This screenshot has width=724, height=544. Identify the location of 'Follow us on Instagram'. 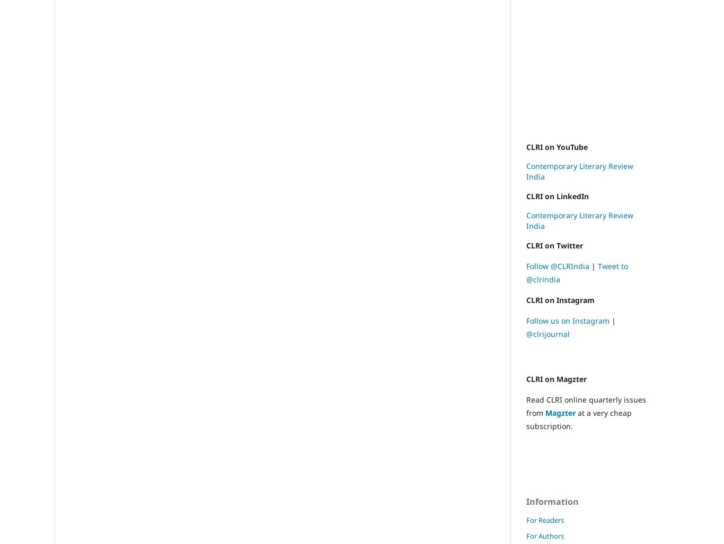
(526, 320).